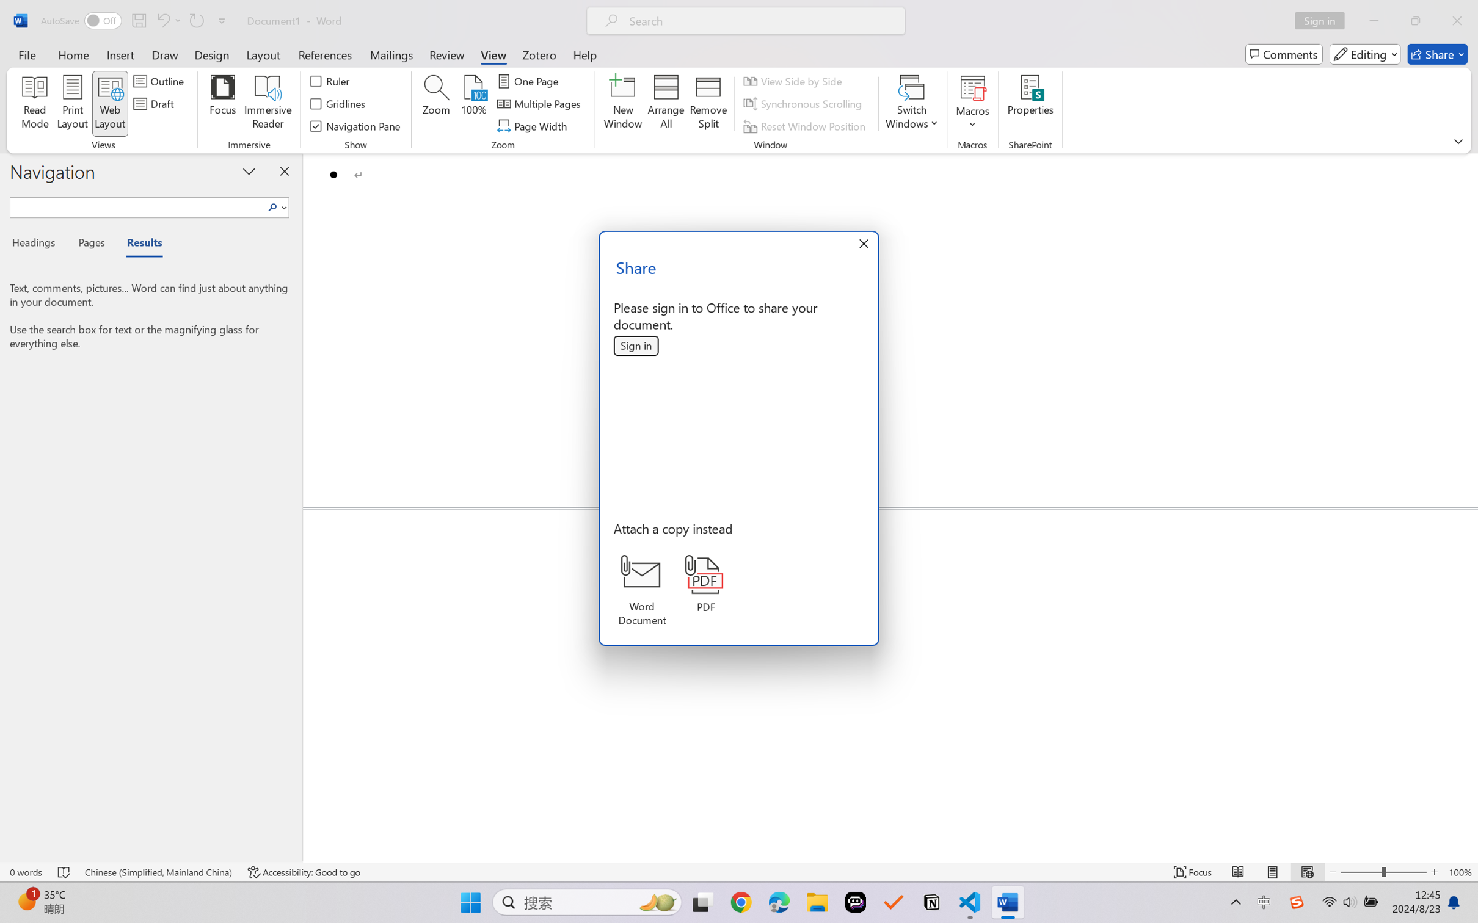 The height and width of the screenshot is (923, 1478). What do you see at coordinates (162, 20) in the screenshot?
I see `'Undo Bullet Default'` at bounding box center [162, 20].